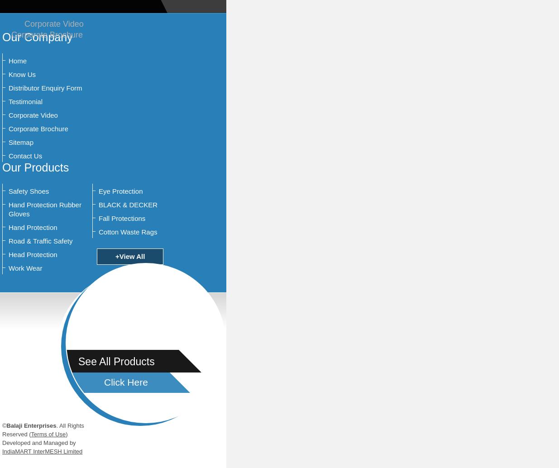 This screenshot has height=468, width=559. I want to click on 'Developed and Managed by', so click(38, 442).